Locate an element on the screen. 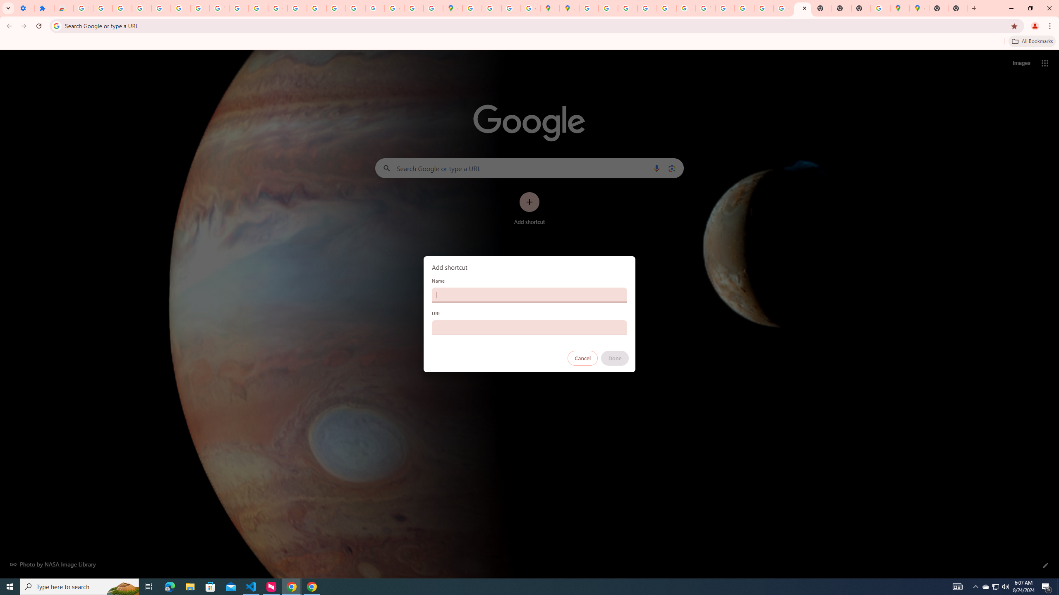  'Privacy Help Center - Policies Help' is located at coordinates (647, 8).